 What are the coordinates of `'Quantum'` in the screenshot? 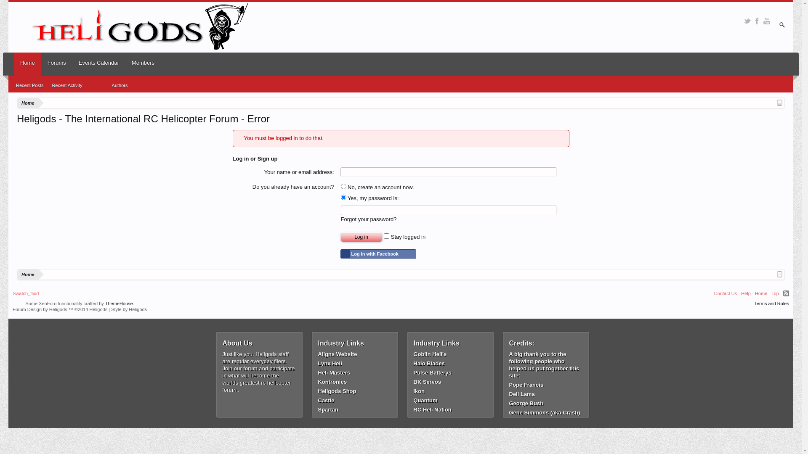 It's located at (449, 400).